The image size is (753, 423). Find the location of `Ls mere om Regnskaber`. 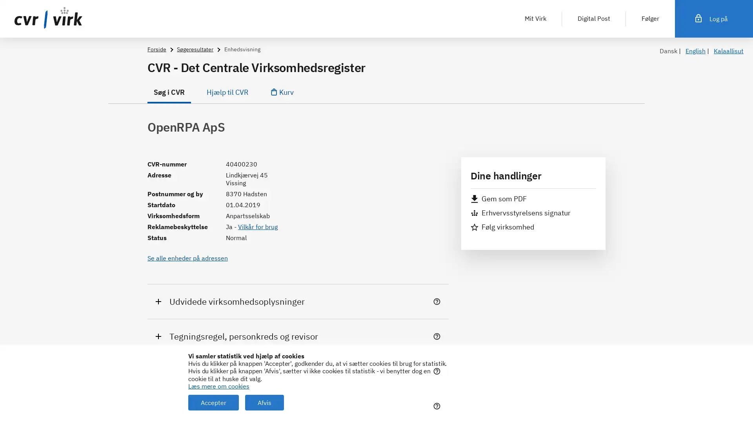

Ls mere om Regnskaber is located at coordinates (438, 406).